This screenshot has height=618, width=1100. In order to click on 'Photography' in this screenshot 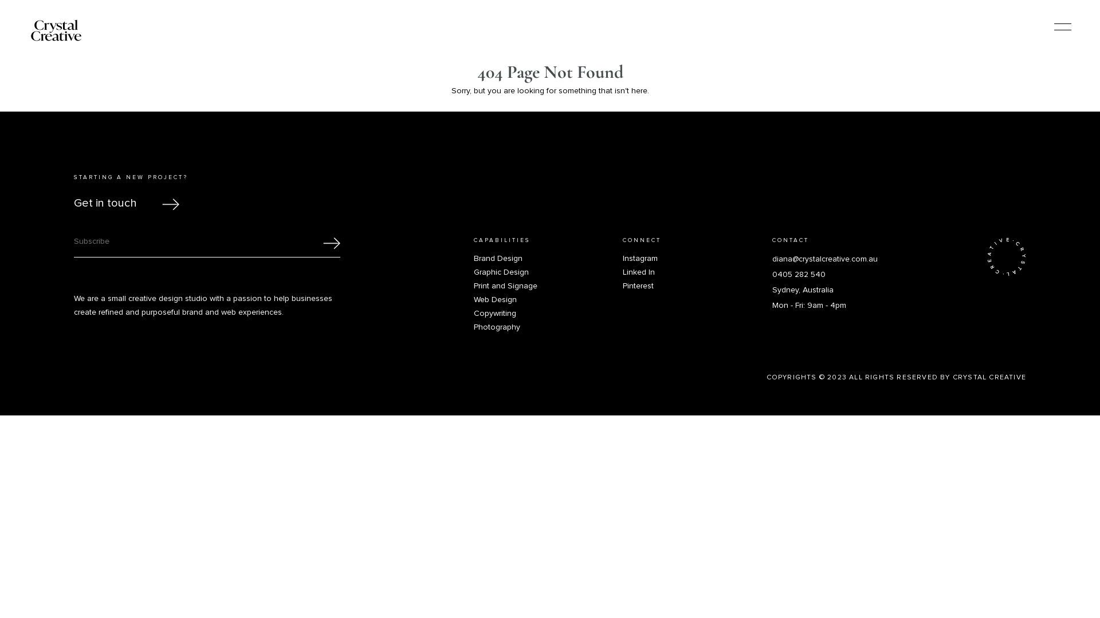, I will do `click(547, 327)`.